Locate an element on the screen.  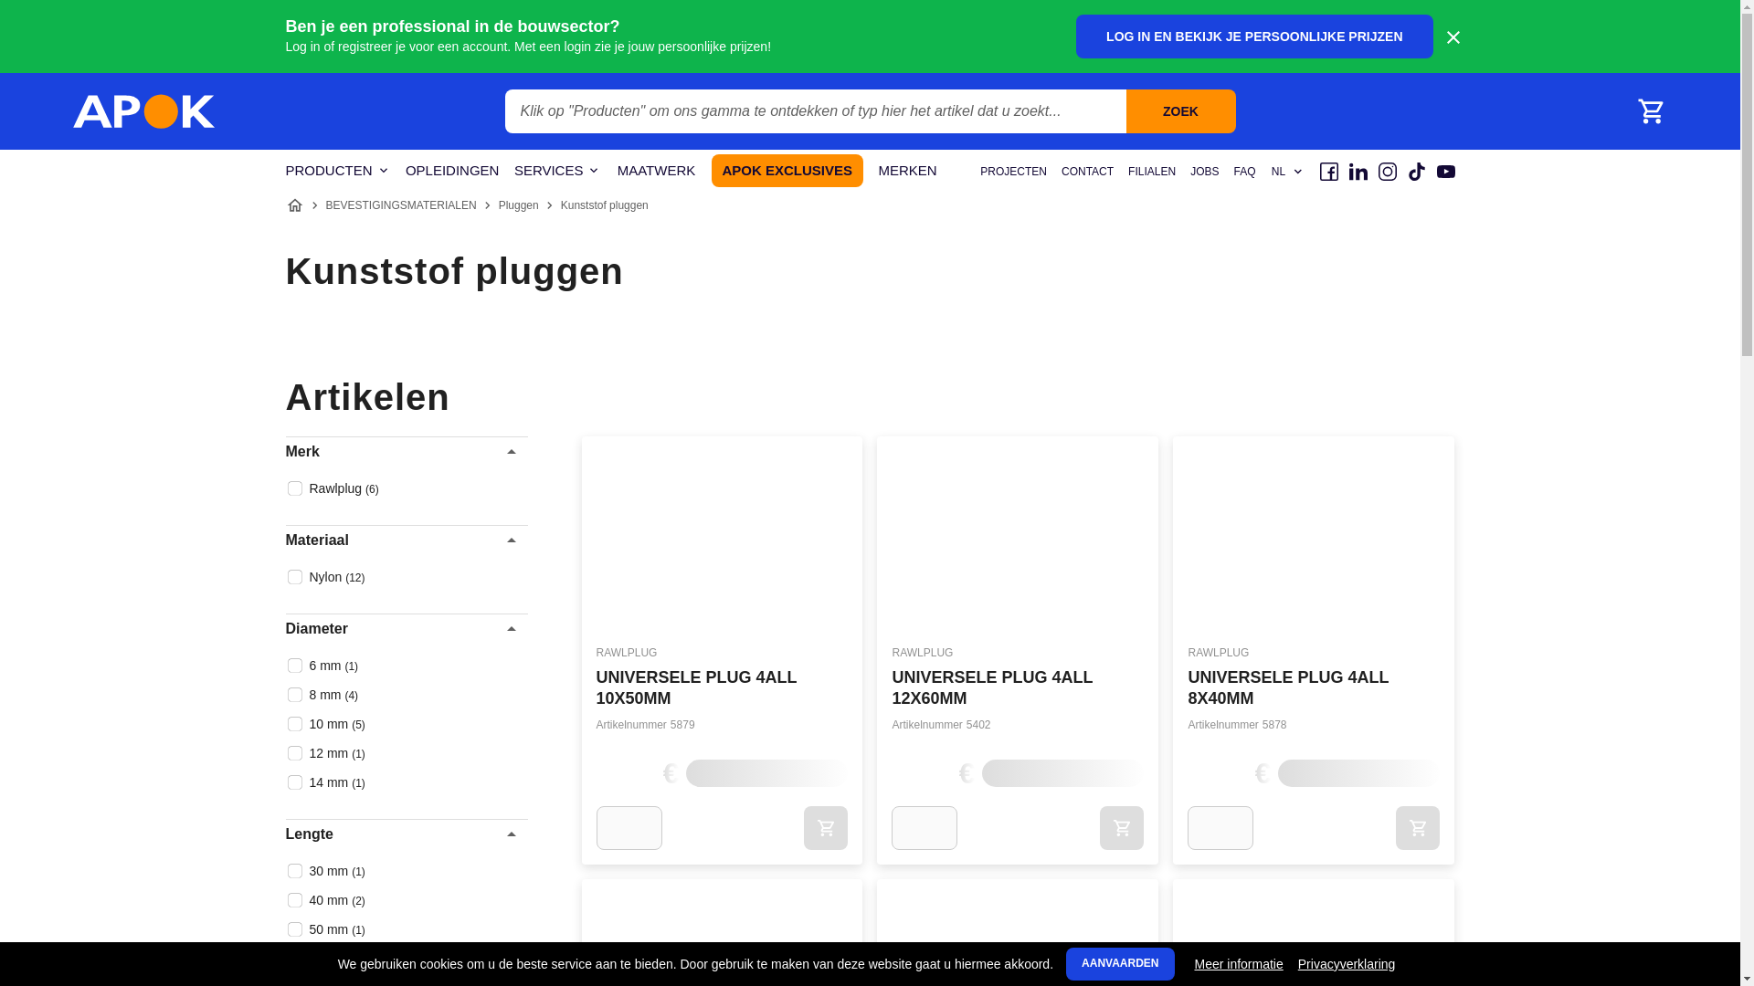
'Kunststof pluggen' is located at coordinates (605, 205).